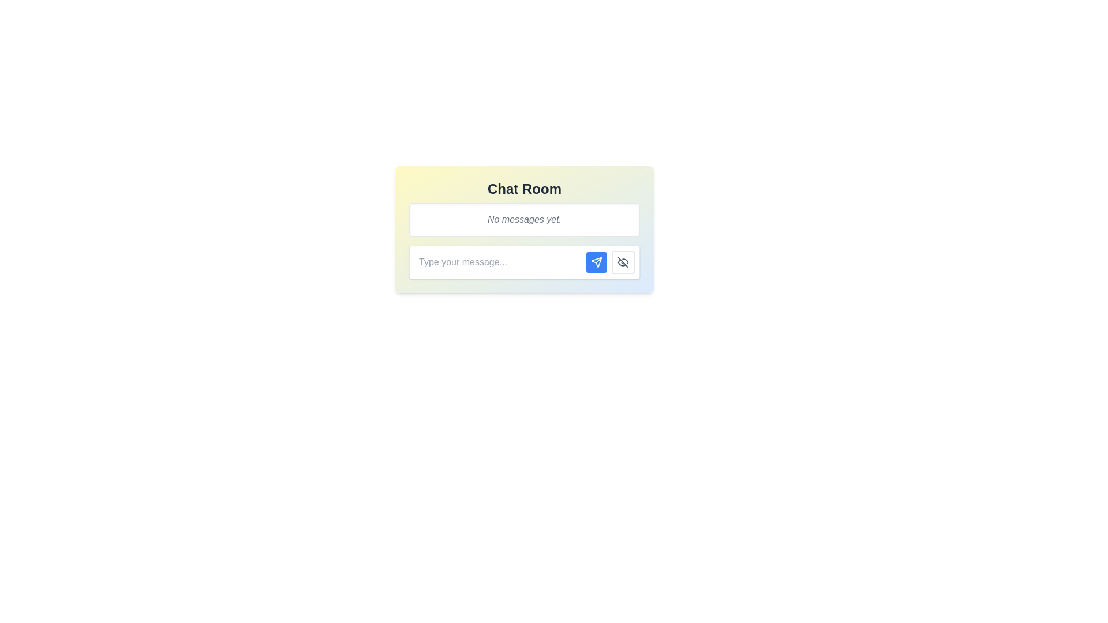 This screenshot has height=623, width=1108. What do you see at coordinates (523, 188) in the screenshot?
I see `the chat title text label at the top center of the chat interface` at bounding box center [523, 188].